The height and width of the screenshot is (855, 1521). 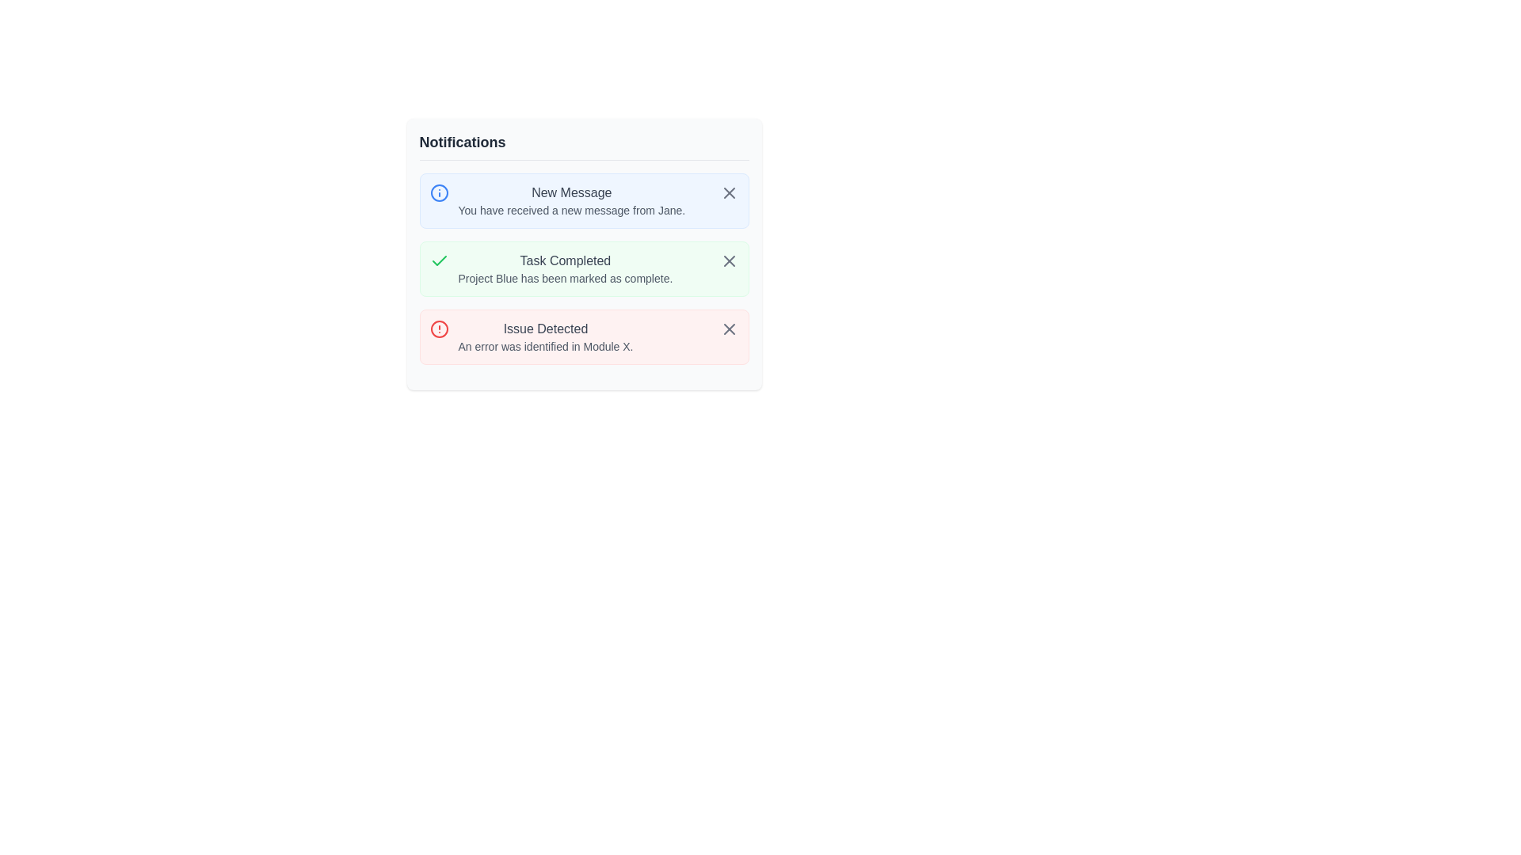 I want to click on details of the Notification card with the headline 'Issue Detected' and description 'An error was identified in Module X.', so click(x=583, y=336).